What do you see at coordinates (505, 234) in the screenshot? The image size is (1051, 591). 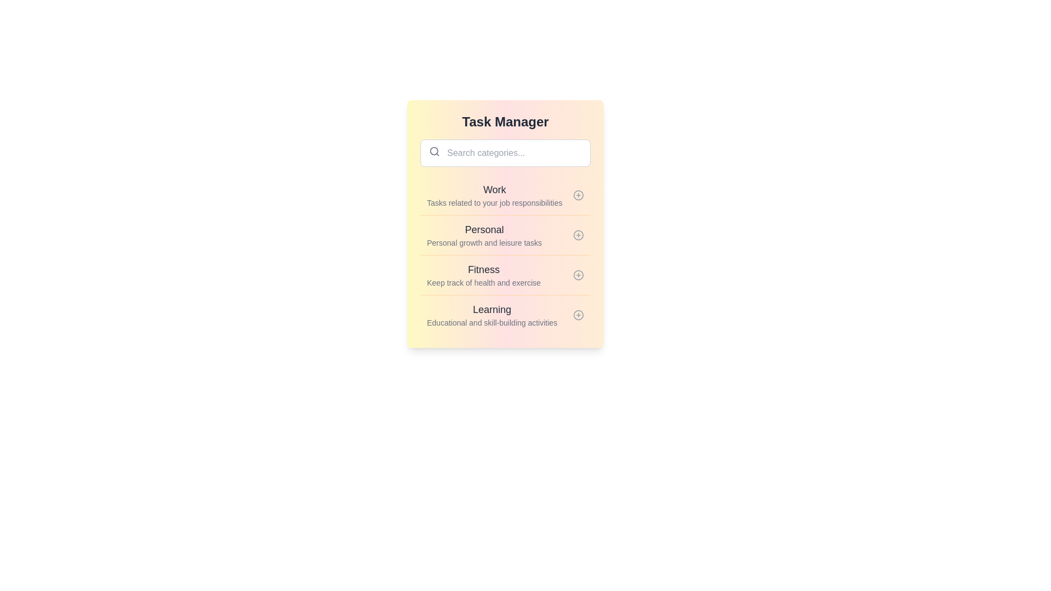 I see `the main body of the 'Personal' category item in the Task Manager section` at bounding box center [505, 234].